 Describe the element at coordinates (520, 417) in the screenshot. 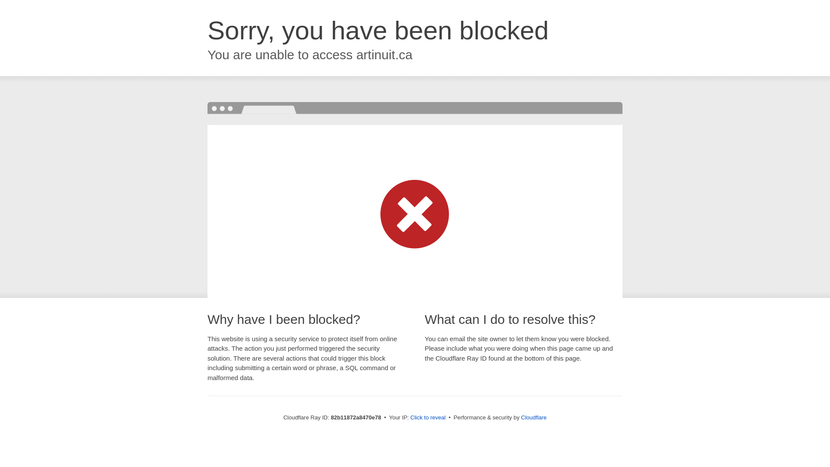

I see `'Cloudflare'` at that location.